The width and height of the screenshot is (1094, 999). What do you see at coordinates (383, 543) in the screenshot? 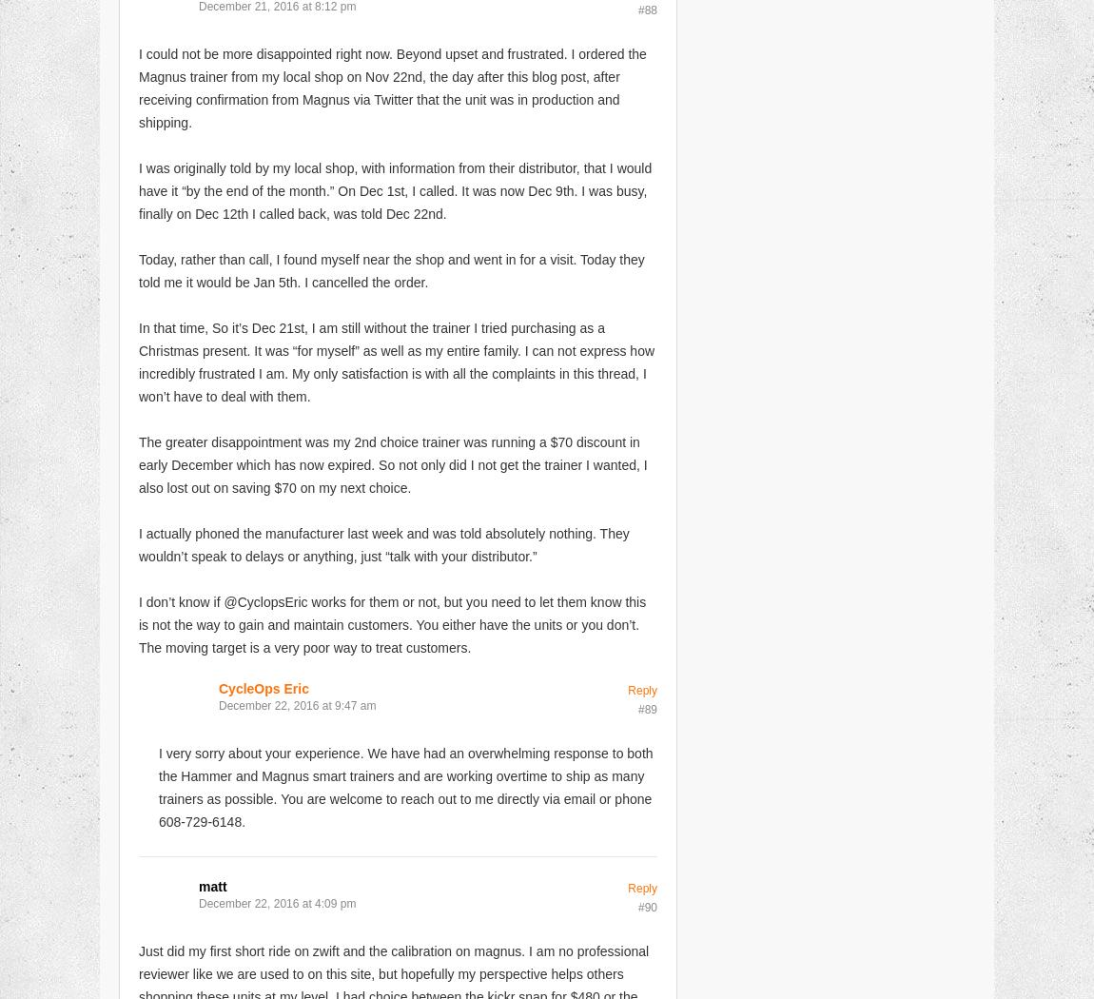
I see `'I actually phoned the manufacturer last week and was told absolutely nothing.  They wouldn’t speak to delays or anything, just “talk with your distributor.”'` at bounding box center [383, 543].